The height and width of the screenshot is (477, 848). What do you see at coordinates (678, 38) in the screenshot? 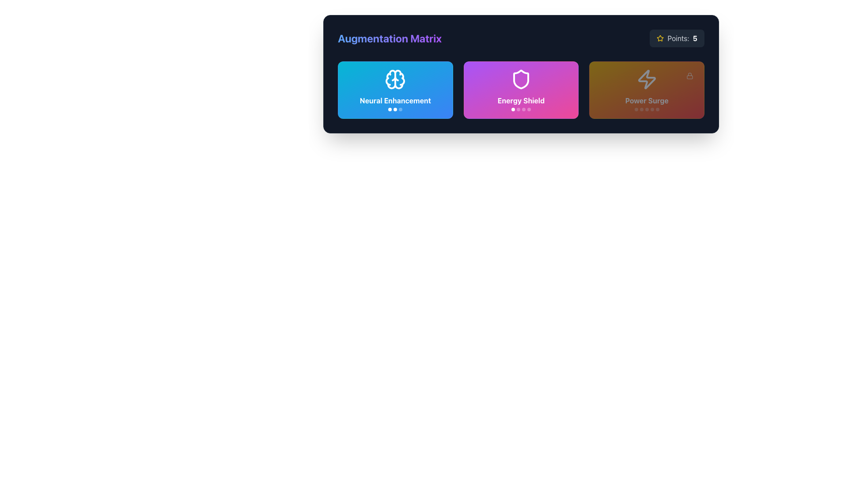
I see `the static text label indicating 'Points' that is located next to the number '5' and preceded by a star icon` at bounding box center [678, 38].